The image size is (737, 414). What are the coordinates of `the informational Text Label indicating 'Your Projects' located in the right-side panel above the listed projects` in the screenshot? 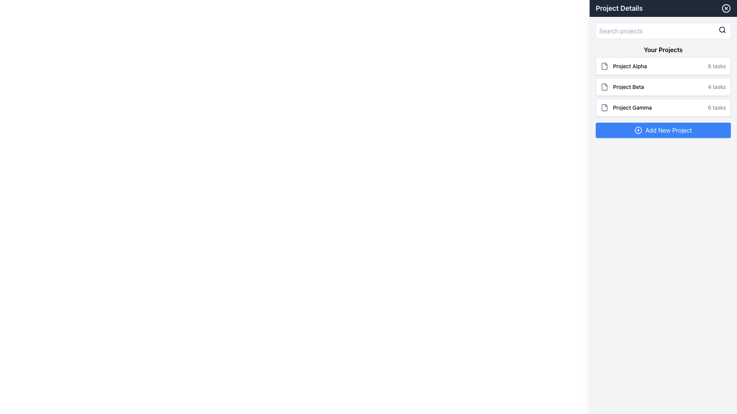 It's located at (663, 50).